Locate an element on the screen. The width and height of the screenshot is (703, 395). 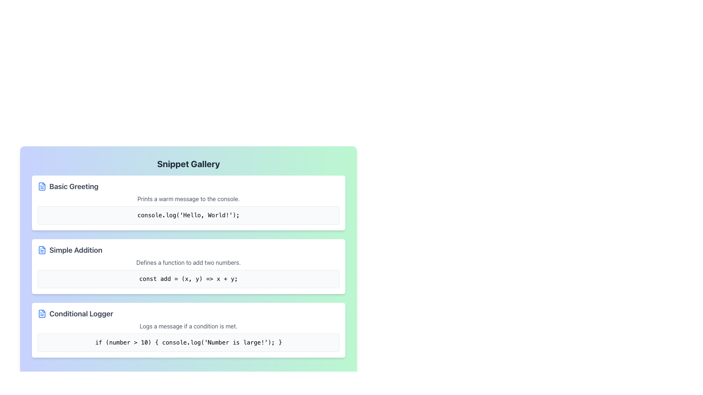
title text of the snippet card located in the third row of the Snippet Gallery, positioned to the right of a small document icon is located at coordinates (81, 313).